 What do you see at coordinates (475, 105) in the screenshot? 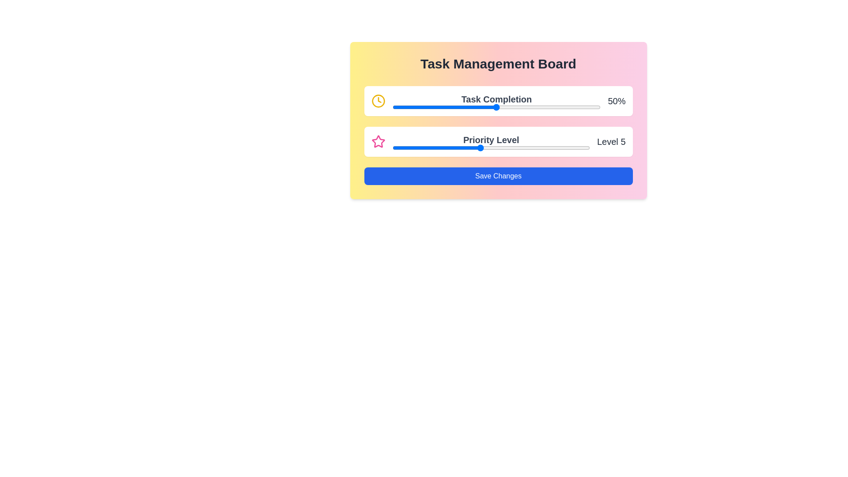
I see `task completion` at bounding box center [475, 105].